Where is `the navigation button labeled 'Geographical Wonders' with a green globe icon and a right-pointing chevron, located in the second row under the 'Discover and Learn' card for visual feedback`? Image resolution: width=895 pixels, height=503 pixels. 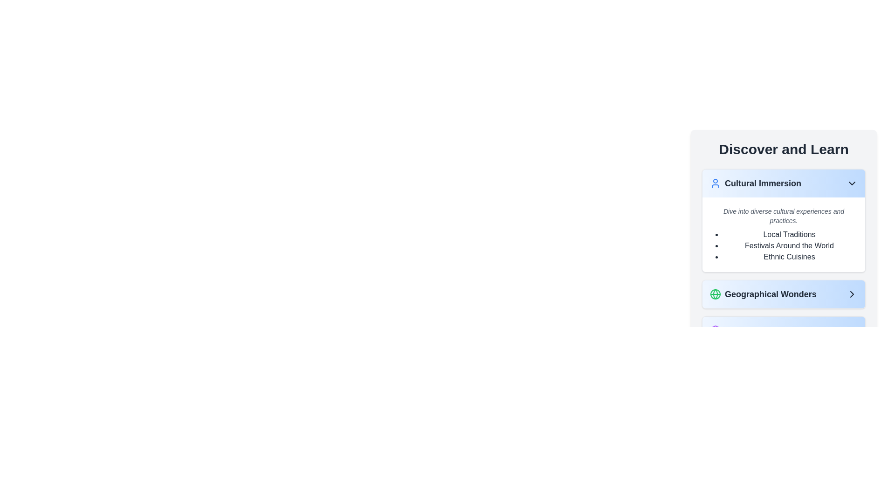
the navigation button labeled 'Geographical Wonders' with a green globe icon and a right-pointing chevron, located in the second row under the 'Discover and Learn' card for visual feedback is located at coordinates (783, 294).